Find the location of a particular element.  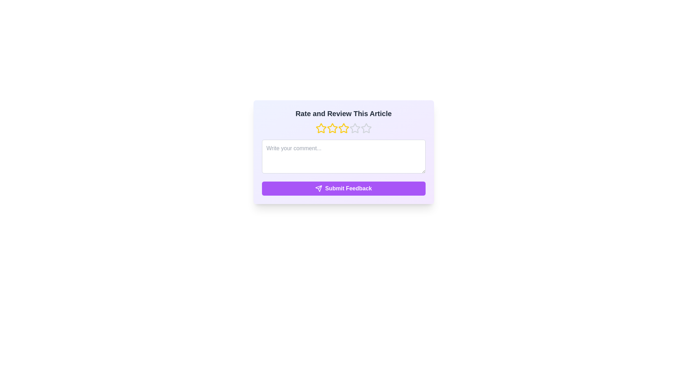

the rating to 3 stars by clicking on the corresponding star is located at coordinates (343, 128).